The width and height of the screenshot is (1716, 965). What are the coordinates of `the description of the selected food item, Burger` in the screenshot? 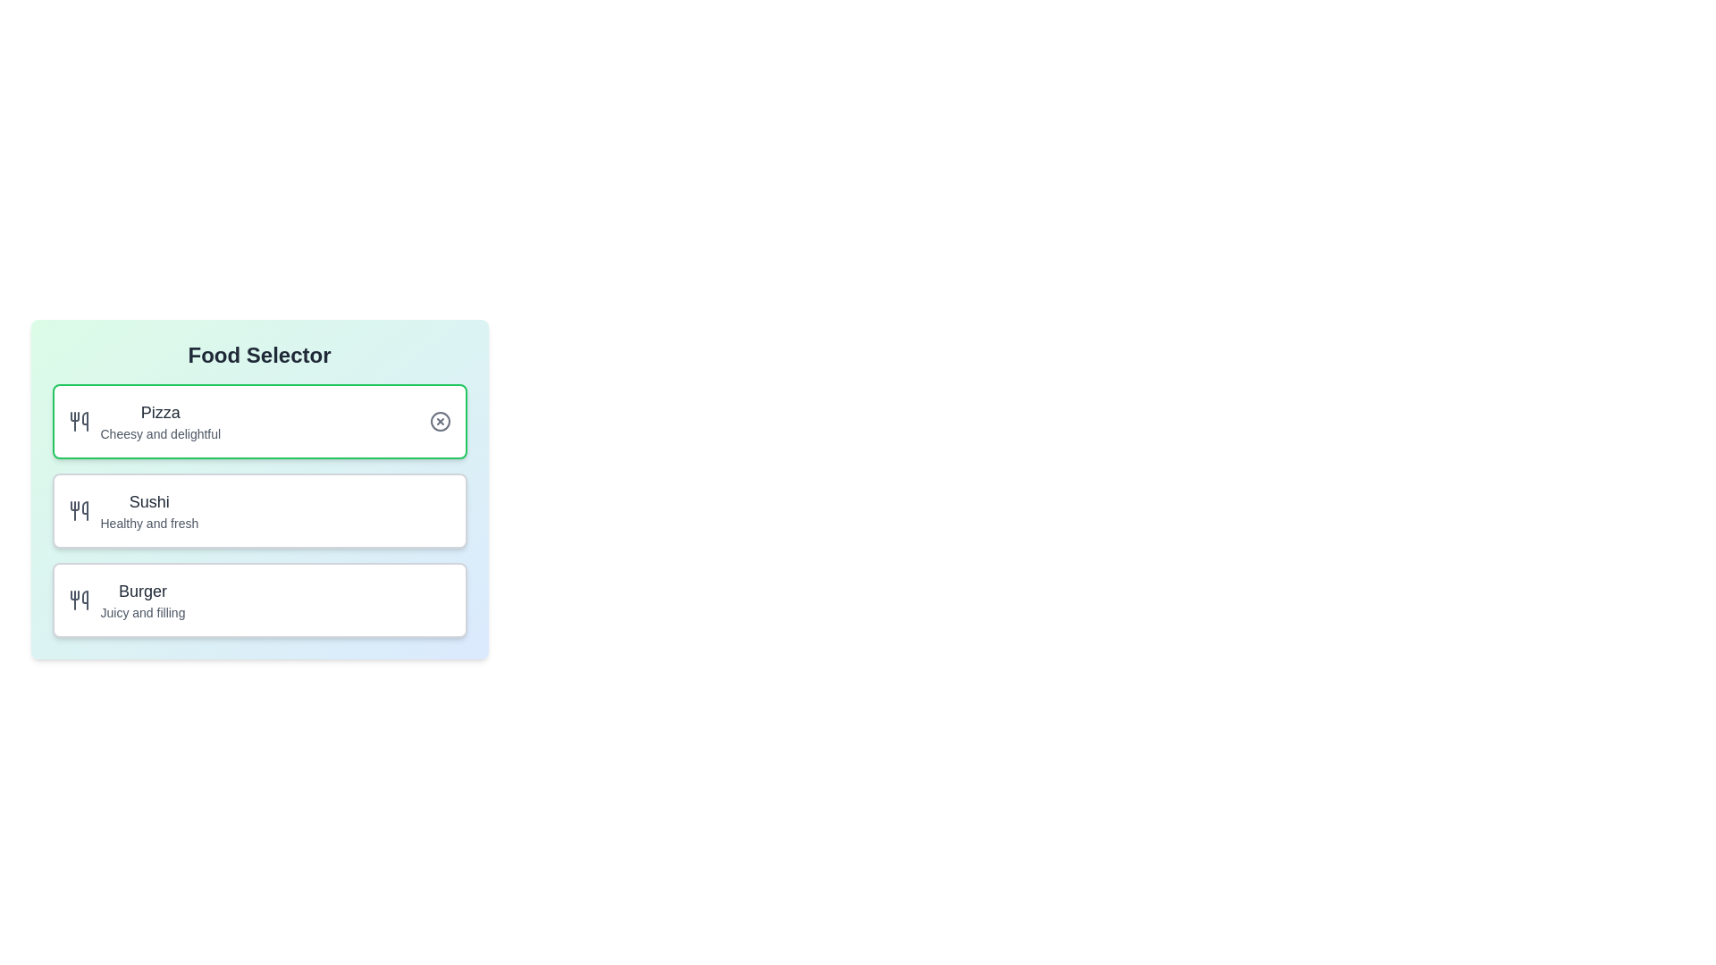 It's located at (258, 600).